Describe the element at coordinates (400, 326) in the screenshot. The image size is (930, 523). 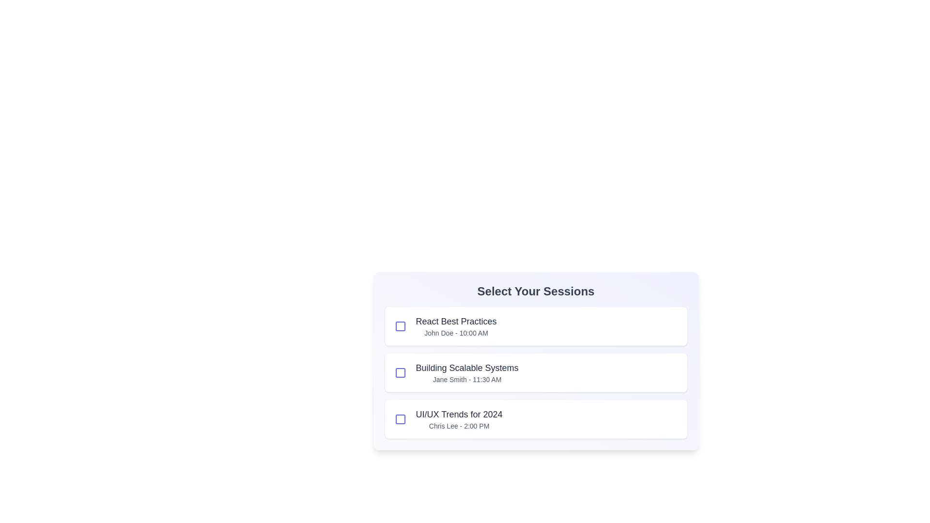
I see `the checkbox corresponding to the session 'React Best Practices'` at that location.